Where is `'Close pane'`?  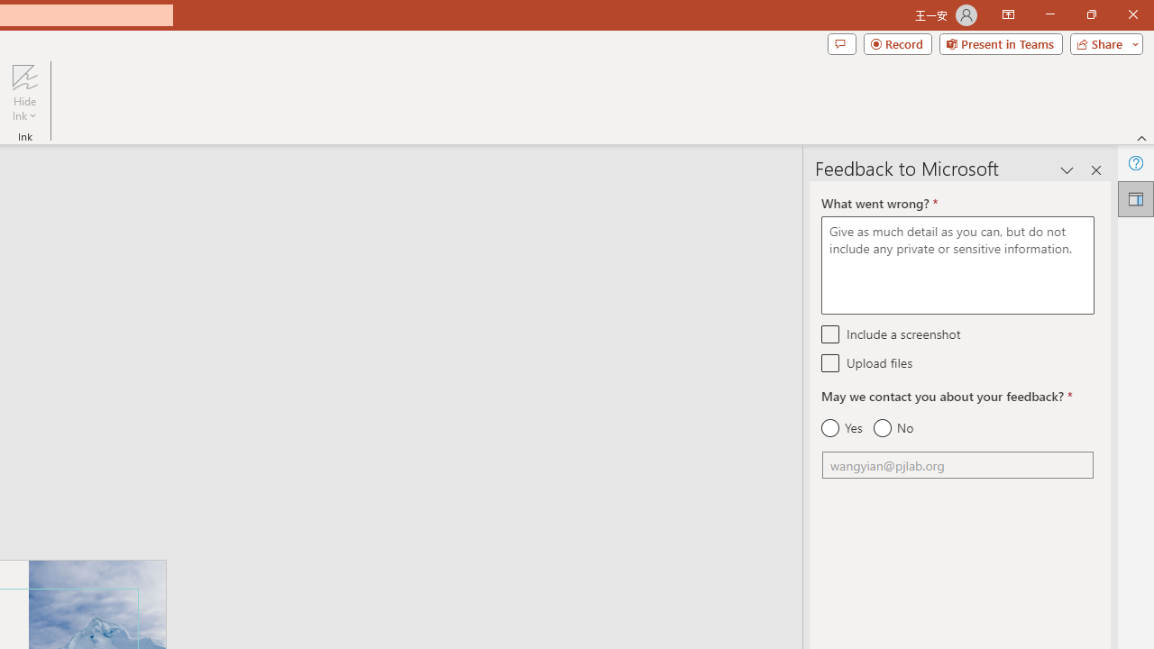 'Close pane' is located at coordinates (1095, 170).